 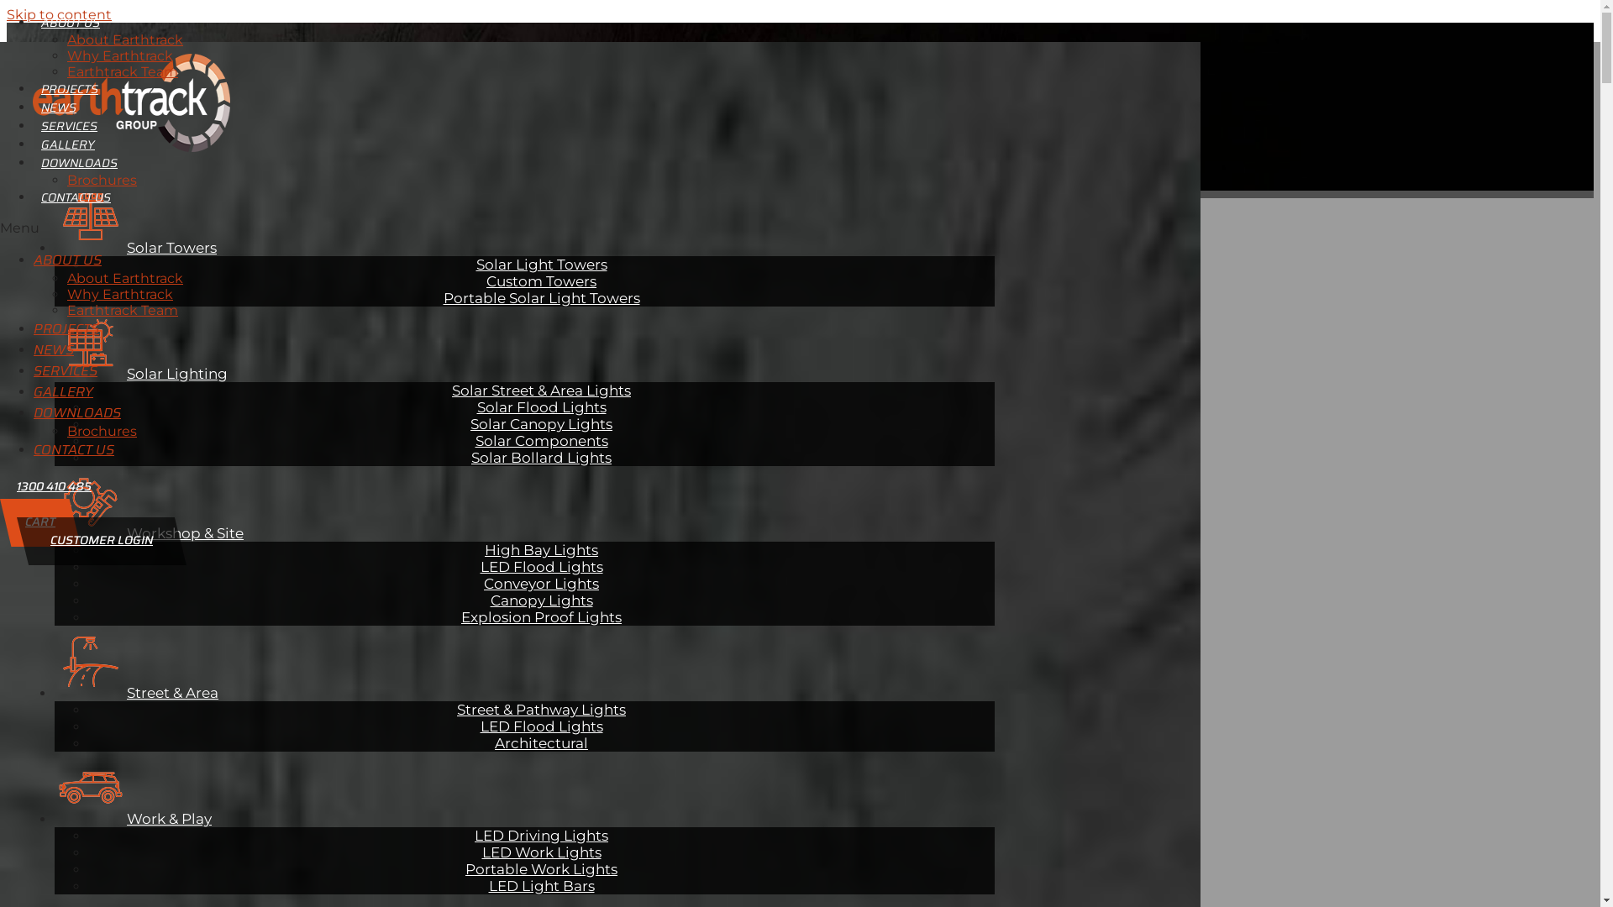 What do you see at coordinates (541, 709) in the screenshot?
I see `'Street & Pathway Lights'` at bounding box center [541, 709].